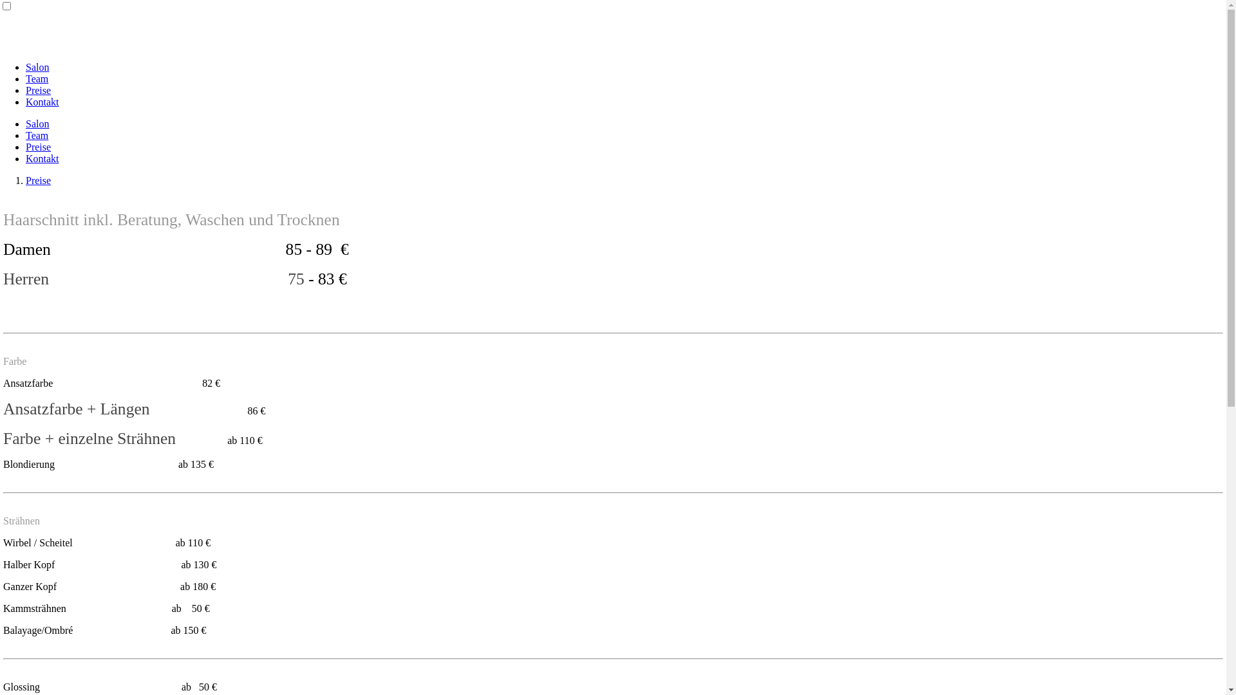  I want to click on 'Preise', so click(38, 146).